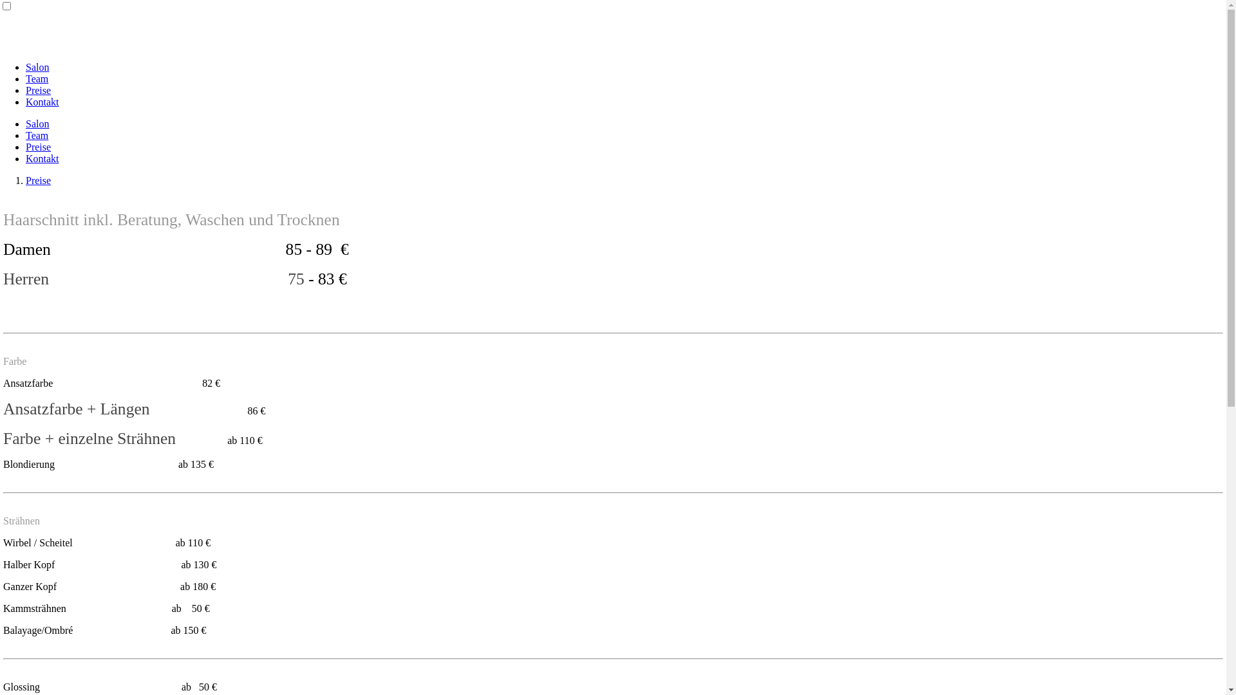  I want to click on 'Preise', so click(38, 146).